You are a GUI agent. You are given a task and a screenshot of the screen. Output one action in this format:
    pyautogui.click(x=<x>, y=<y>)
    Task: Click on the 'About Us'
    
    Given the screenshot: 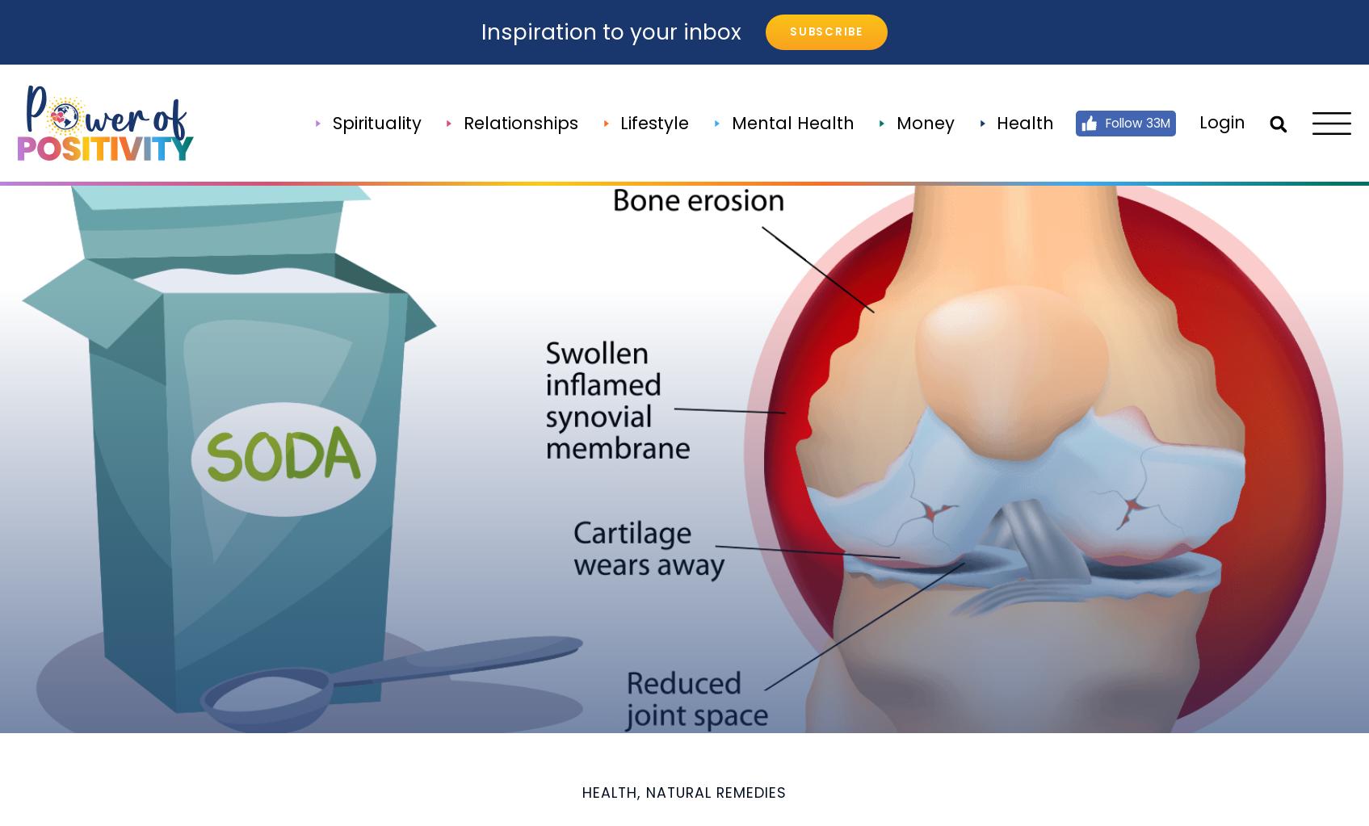 What is the action you would take?
    pyautogui.click(x=195, y=300)
    